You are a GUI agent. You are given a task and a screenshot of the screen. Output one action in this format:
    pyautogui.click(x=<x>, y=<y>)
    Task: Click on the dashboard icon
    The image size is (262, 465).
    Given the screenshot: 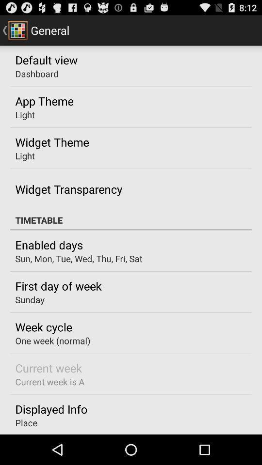 What is the action you would take?
    pyautogui.click(x=36, y=73)
    